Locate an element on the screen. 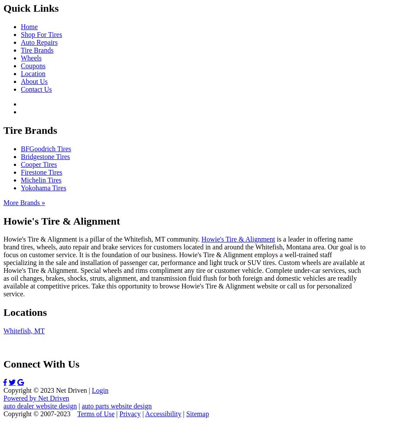 This screenshot has height=421, width=394. 'Firestone Tires' is located at coordinates (21, 172).